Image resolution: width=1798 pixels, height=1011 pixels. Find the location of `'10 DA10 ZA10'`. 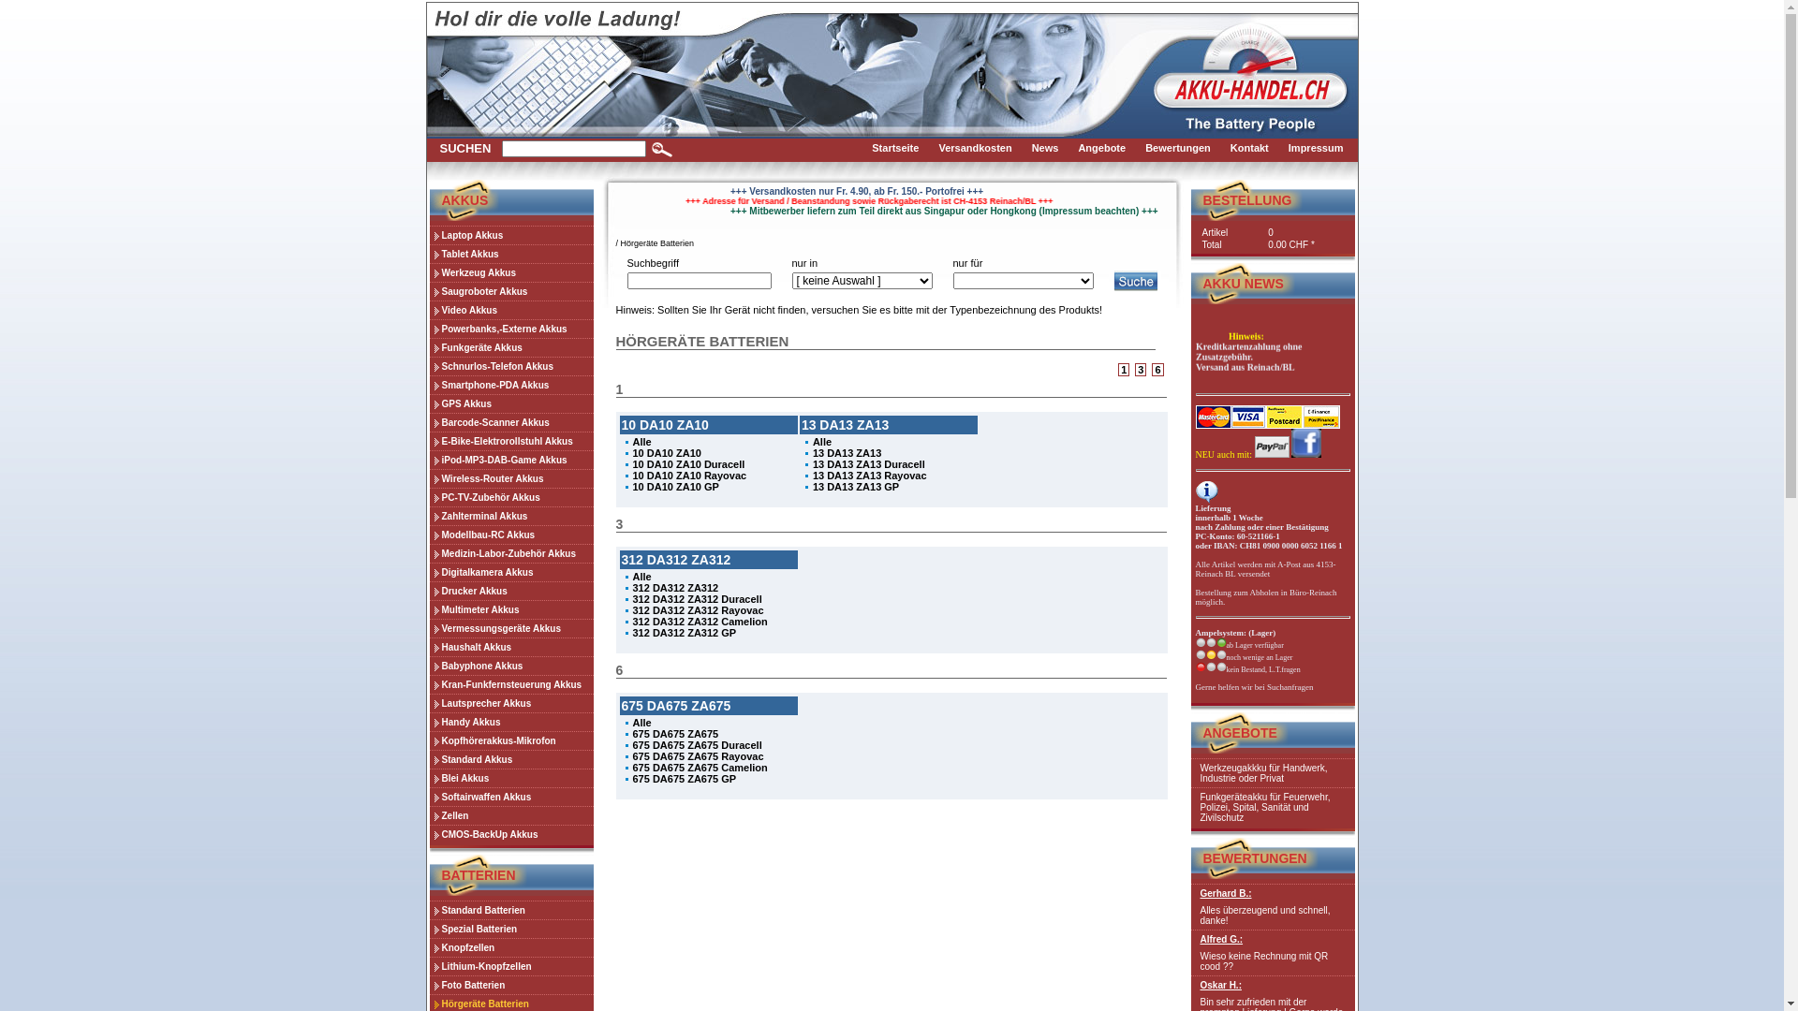

'10 DA10 ZA10' is located at coordinates (667, 452).